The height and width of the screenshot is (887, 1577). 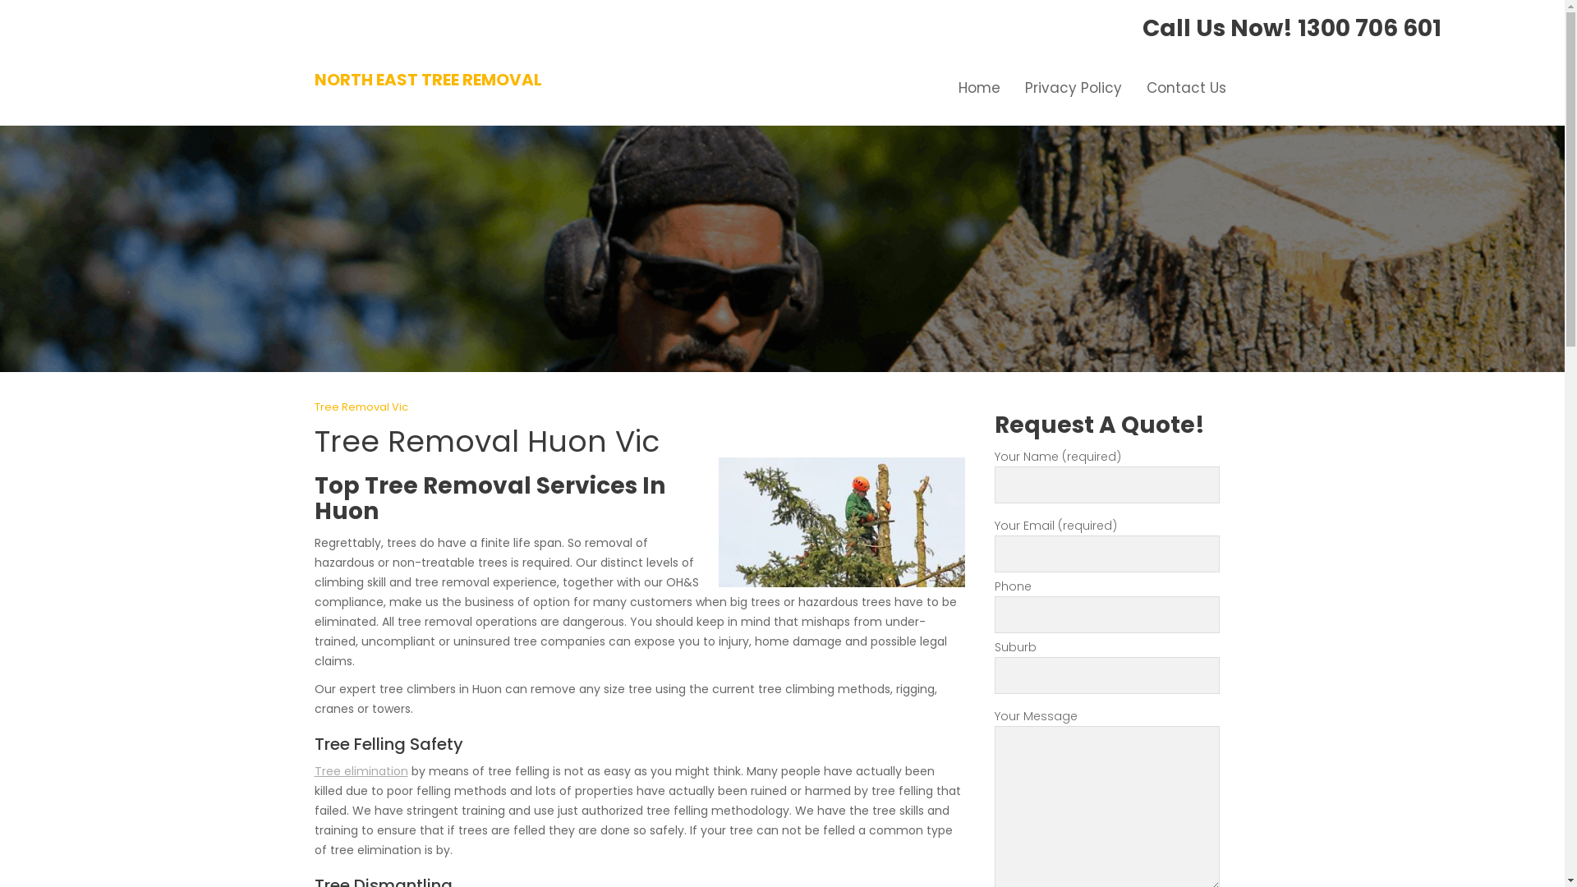 I want to click on 'Tree elimination', so click(x=314, y=770).